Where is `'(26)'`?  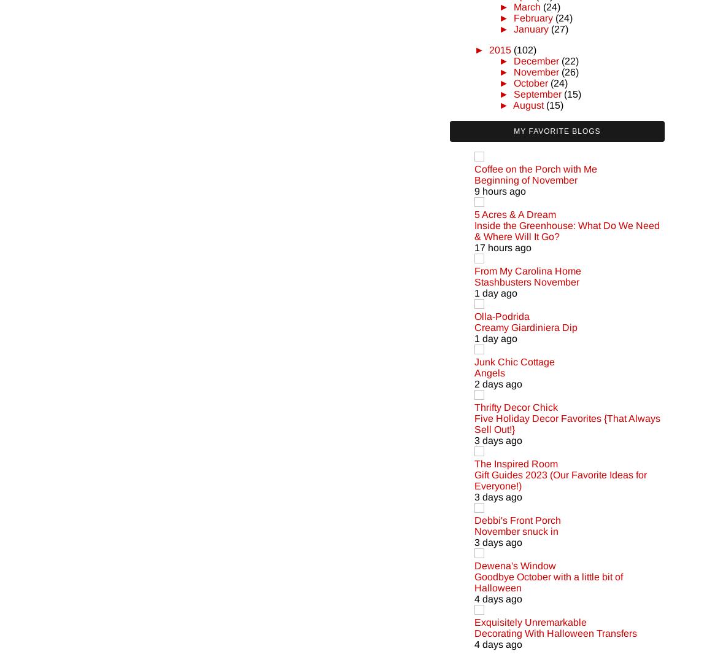
'(26)' is located at coordinates (570, 71).